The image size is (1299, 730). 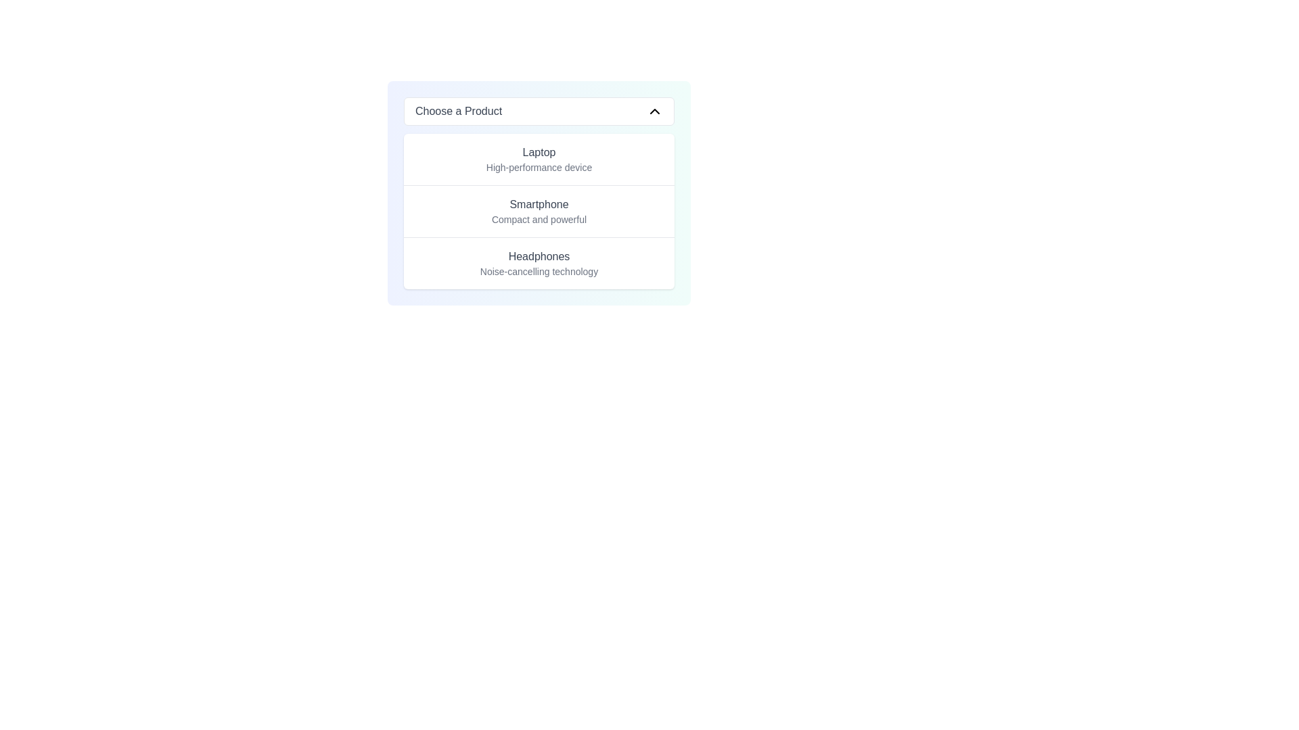 I want to click on the Text component that displays the title and description for the 'Headphones' option in the dropdown menu, which is the third item below 'Laptop' and 'Smartphone', so click(x=538, y=263).